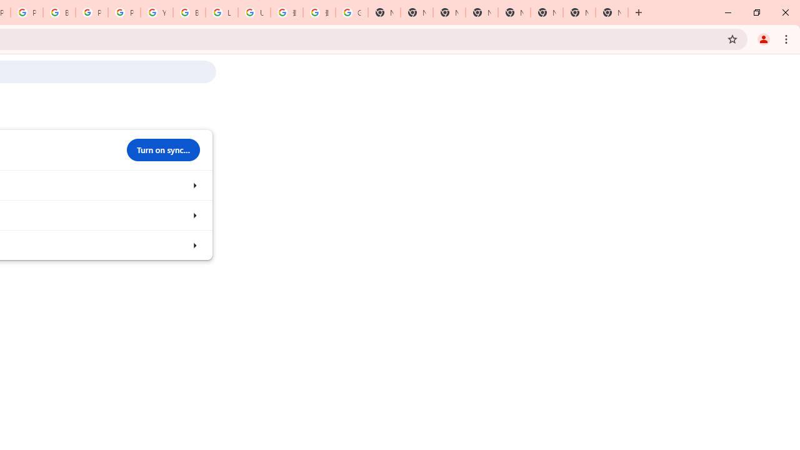  I want to click on 'Import bookmarks and settings', so click(194, 245).